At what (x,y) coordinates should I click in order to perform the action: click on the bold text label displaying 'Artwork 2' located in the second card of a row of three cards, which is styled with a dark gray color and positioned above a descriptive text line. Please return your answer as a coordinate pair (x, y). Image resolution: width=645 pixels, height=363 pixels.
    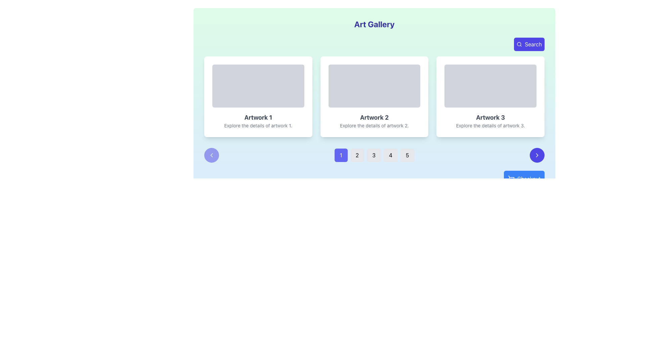
    Looking at the image, I should click on (374, 117).